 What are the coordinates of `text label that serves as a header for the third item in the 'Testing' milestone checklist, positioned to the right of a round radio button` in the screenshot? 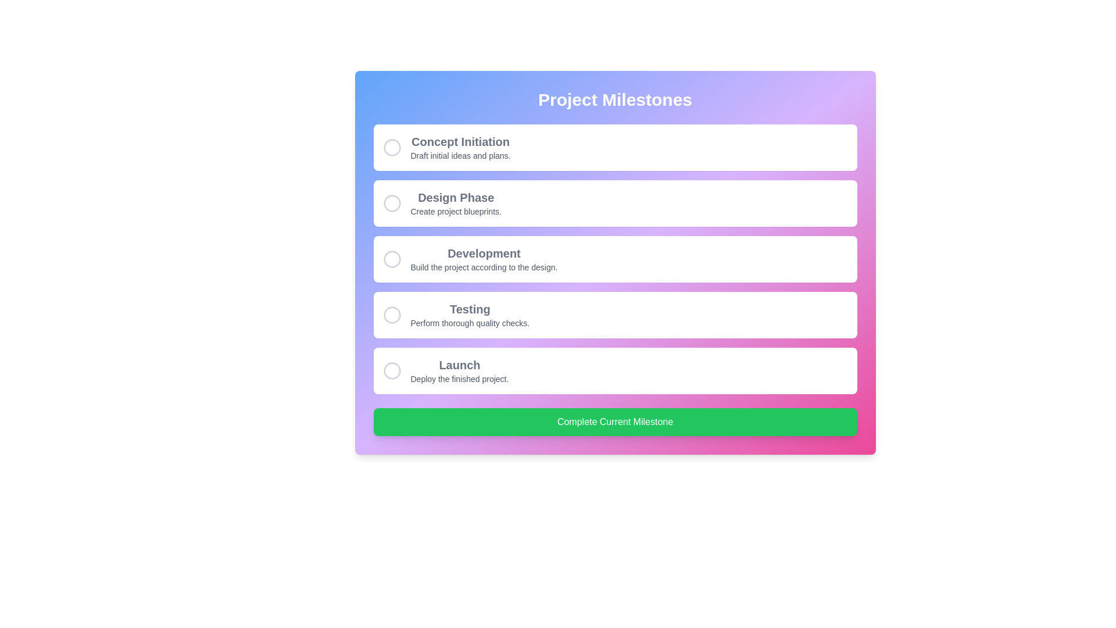 It's located at (470, 309).